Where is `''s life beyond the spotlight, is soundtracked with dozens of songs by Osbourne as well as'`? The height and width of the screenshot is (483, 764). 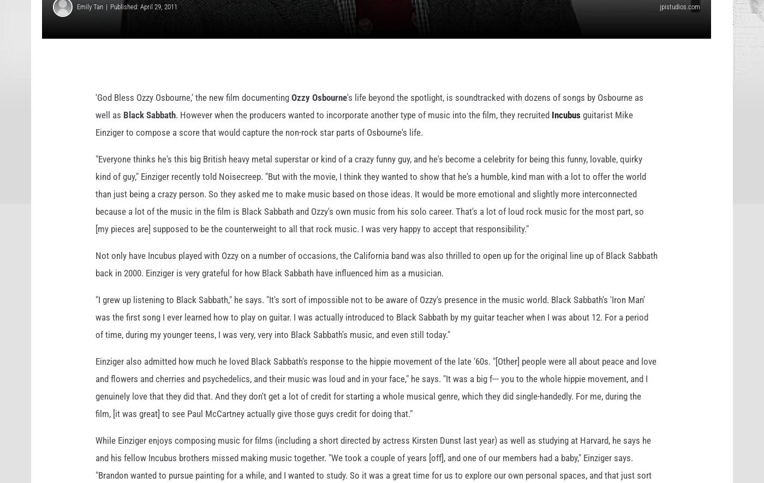 ''s life beyond the spotlight, is soundtracked with dozens of songs by Osbourne as well as' is located at coordinates (369, 123).